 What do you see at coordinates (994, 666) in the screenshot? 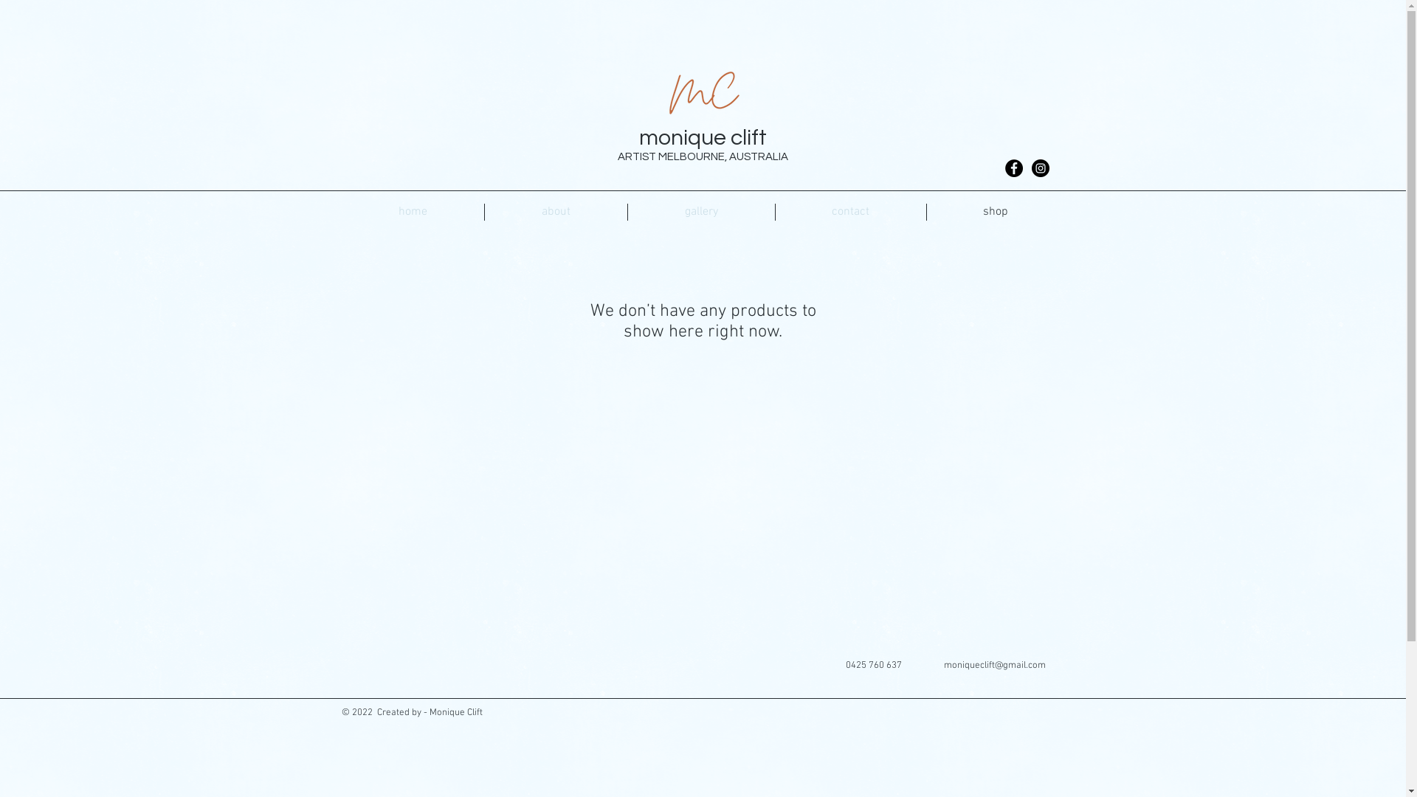
I see `'moniqueclift@gmail.com'` at bounding box center [994, 666].